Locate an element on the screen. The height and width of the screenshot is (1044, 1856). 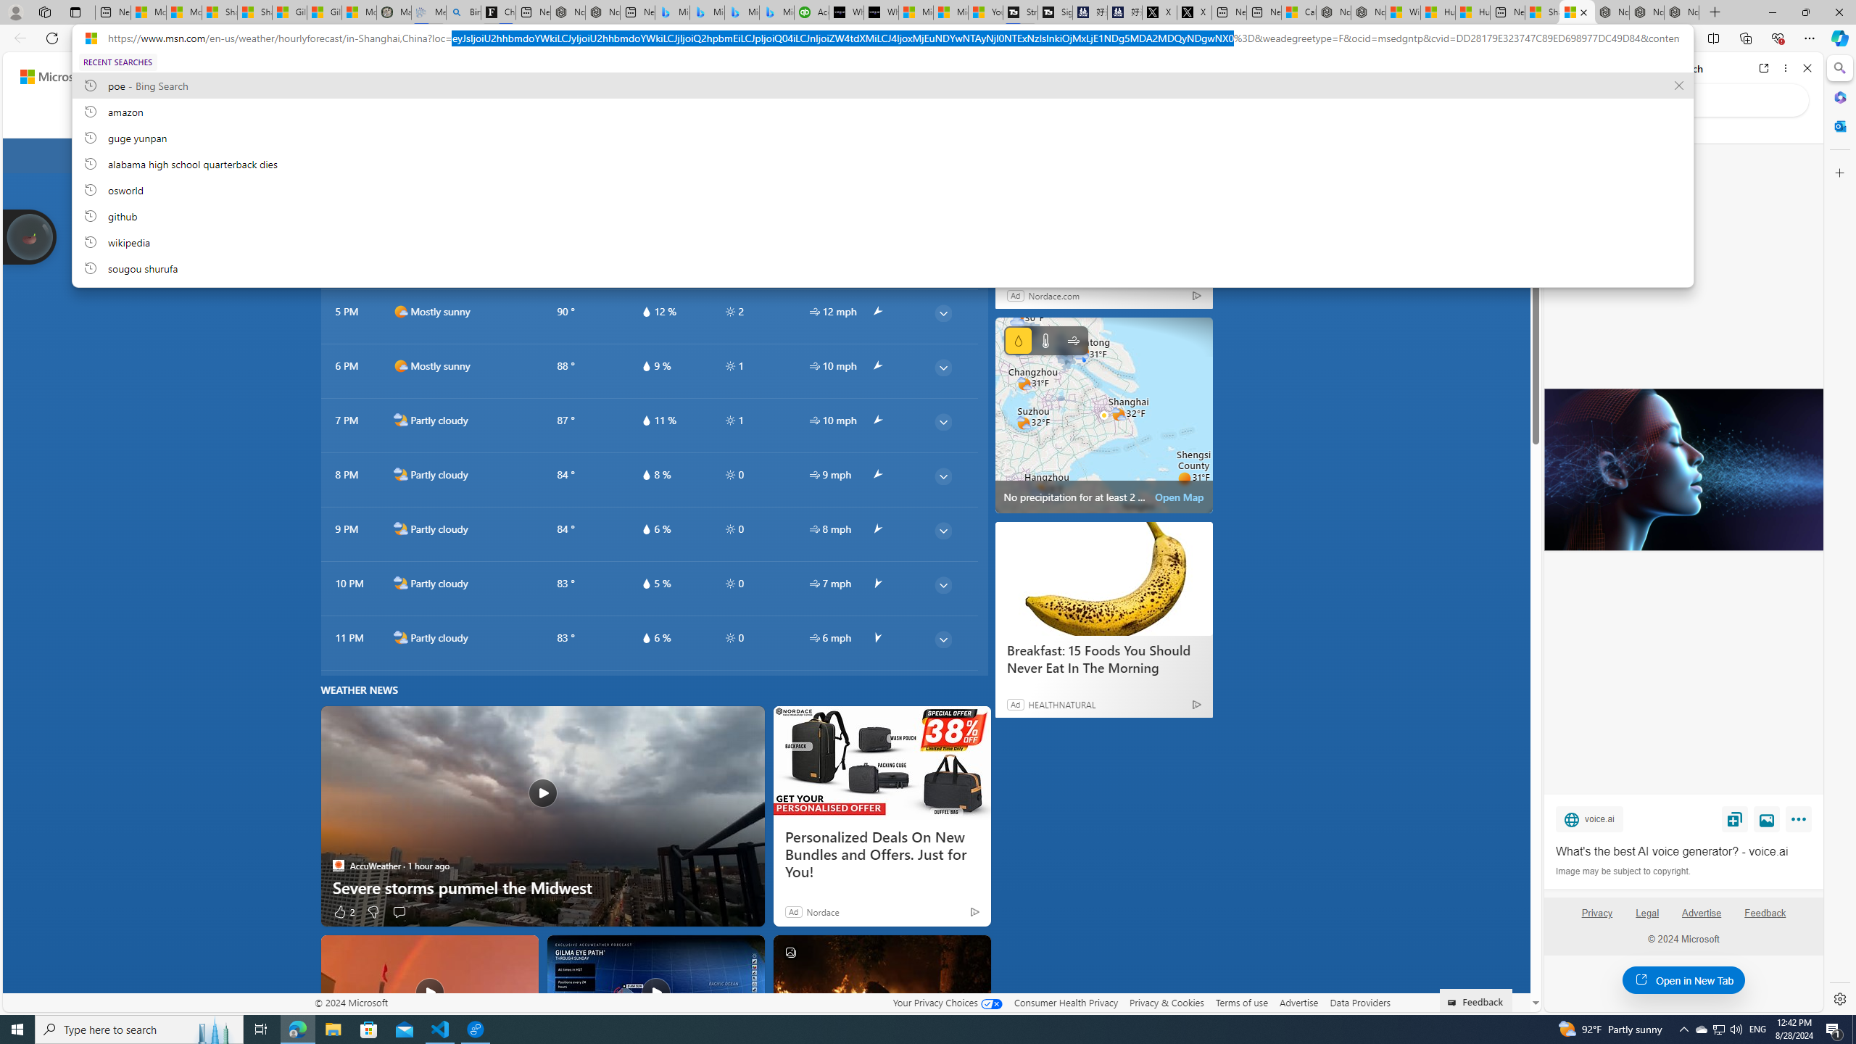
'Customize' is located at coordinates (1838, 172).